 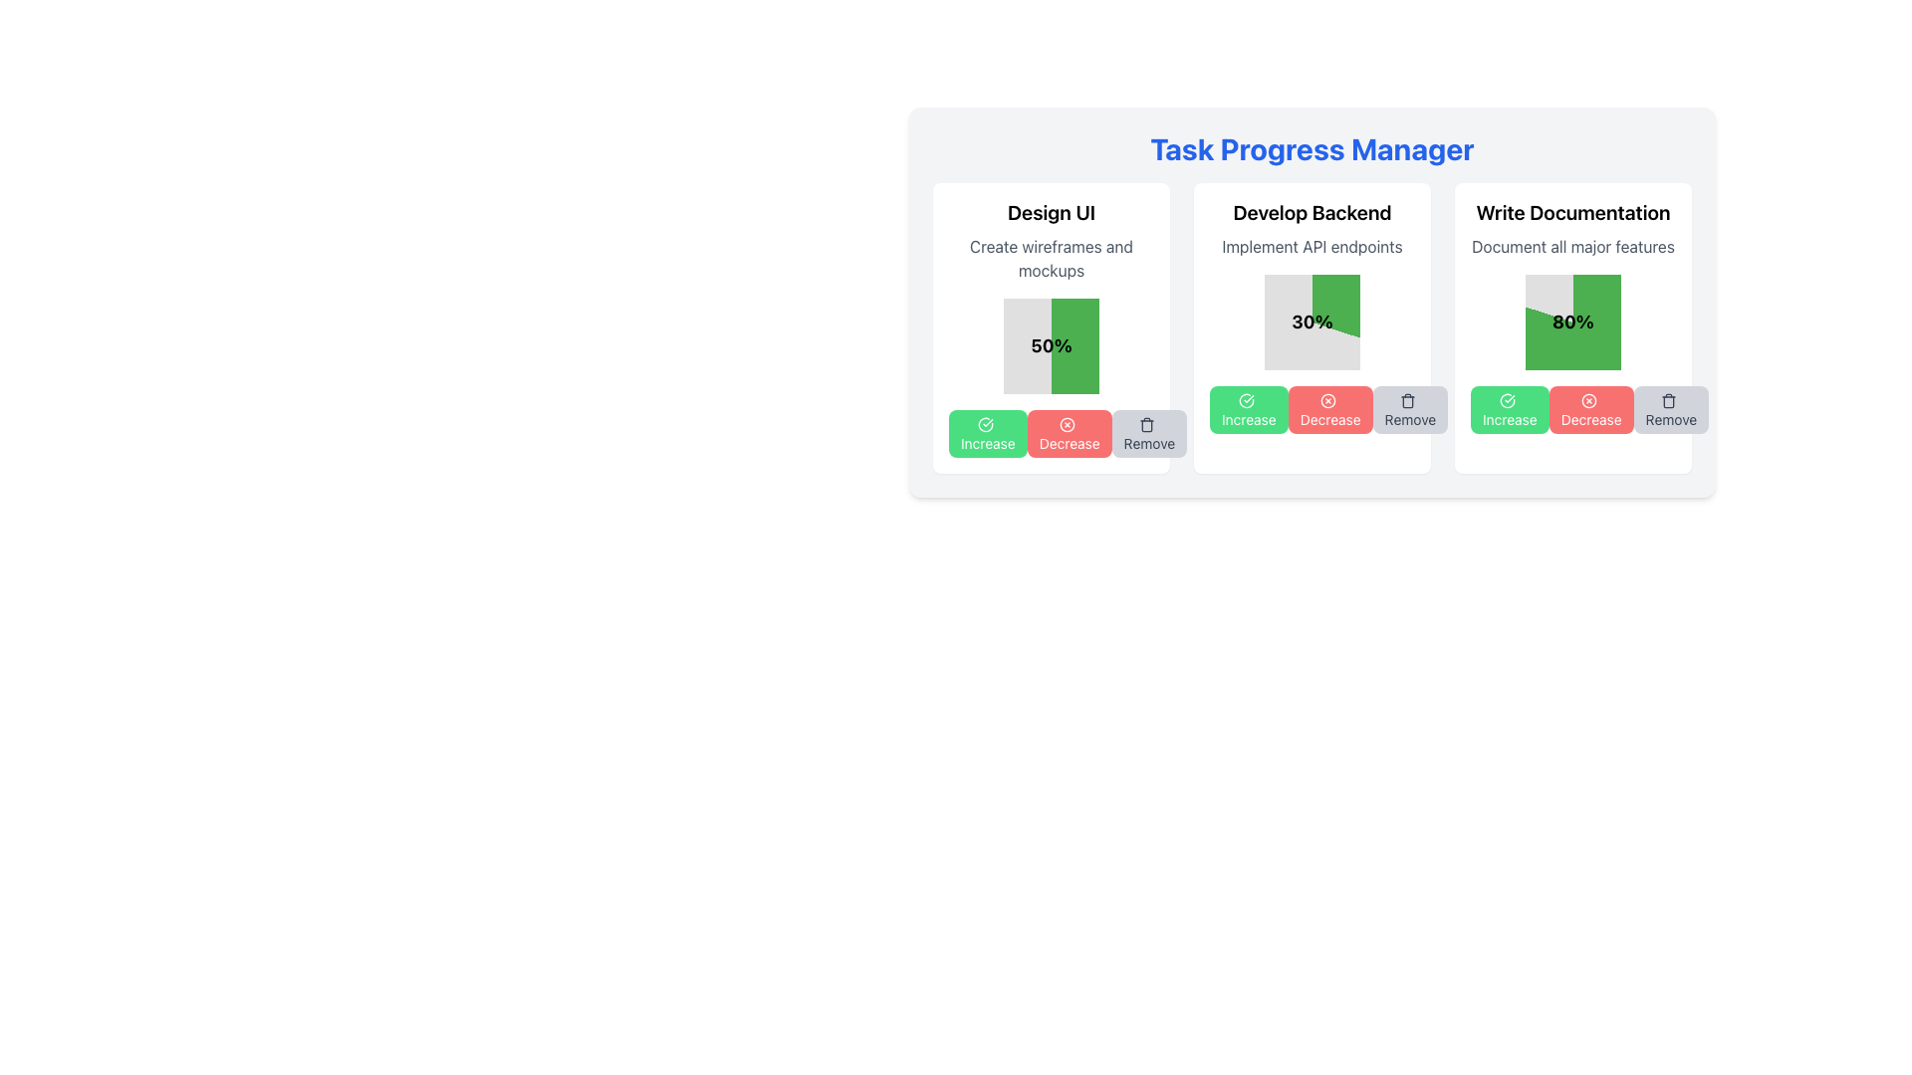 I want to click on the small circular icon with a checkmark inside, which has a green background and white border, located inside the green 'Increase' button, positioned to the left of the text 'Increase', so click(x=986, y=424).